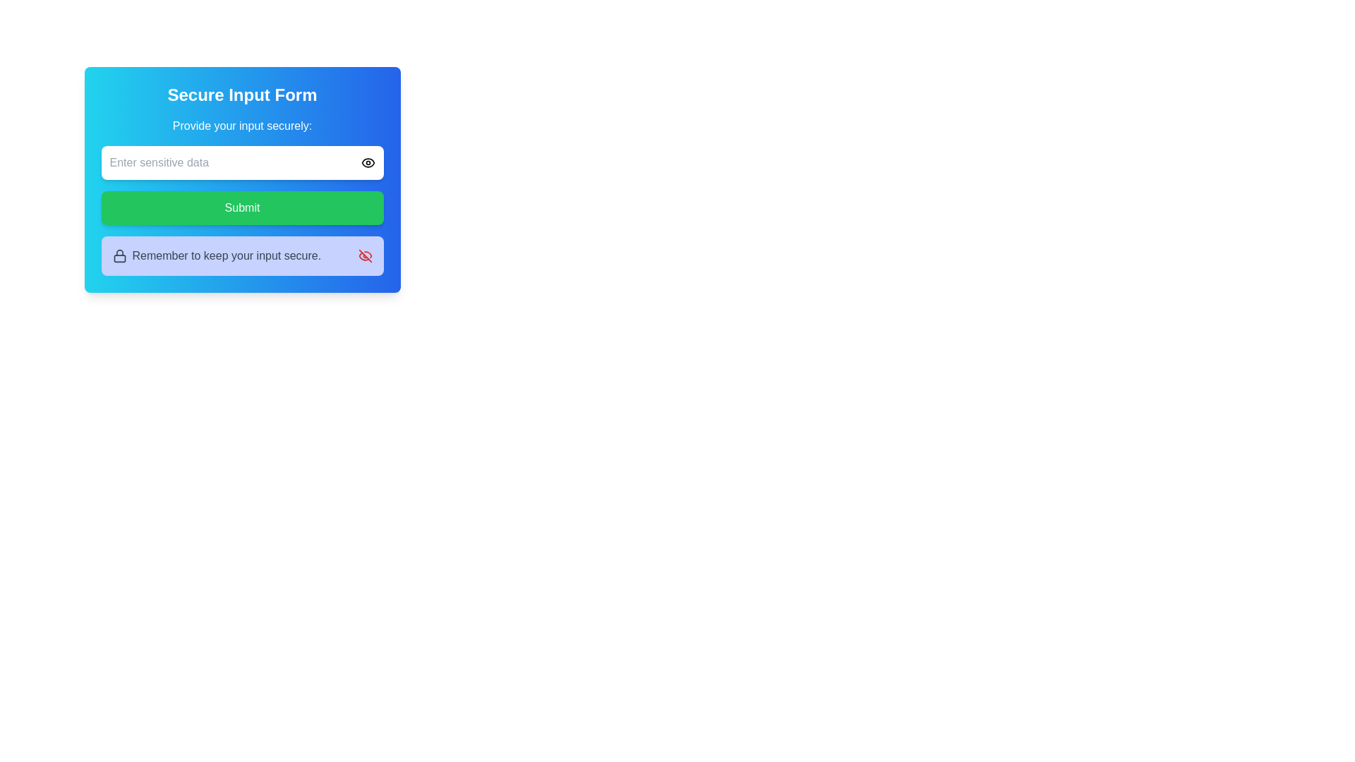 The height and width of the screenshot is (762, 1355). What do you see at coordinates (368, 162) in the screenshot?
I see `the visibility toggle button positioned to the right of the input field labeled 'Enter sensitive data'` at bounding box center [368, 162].